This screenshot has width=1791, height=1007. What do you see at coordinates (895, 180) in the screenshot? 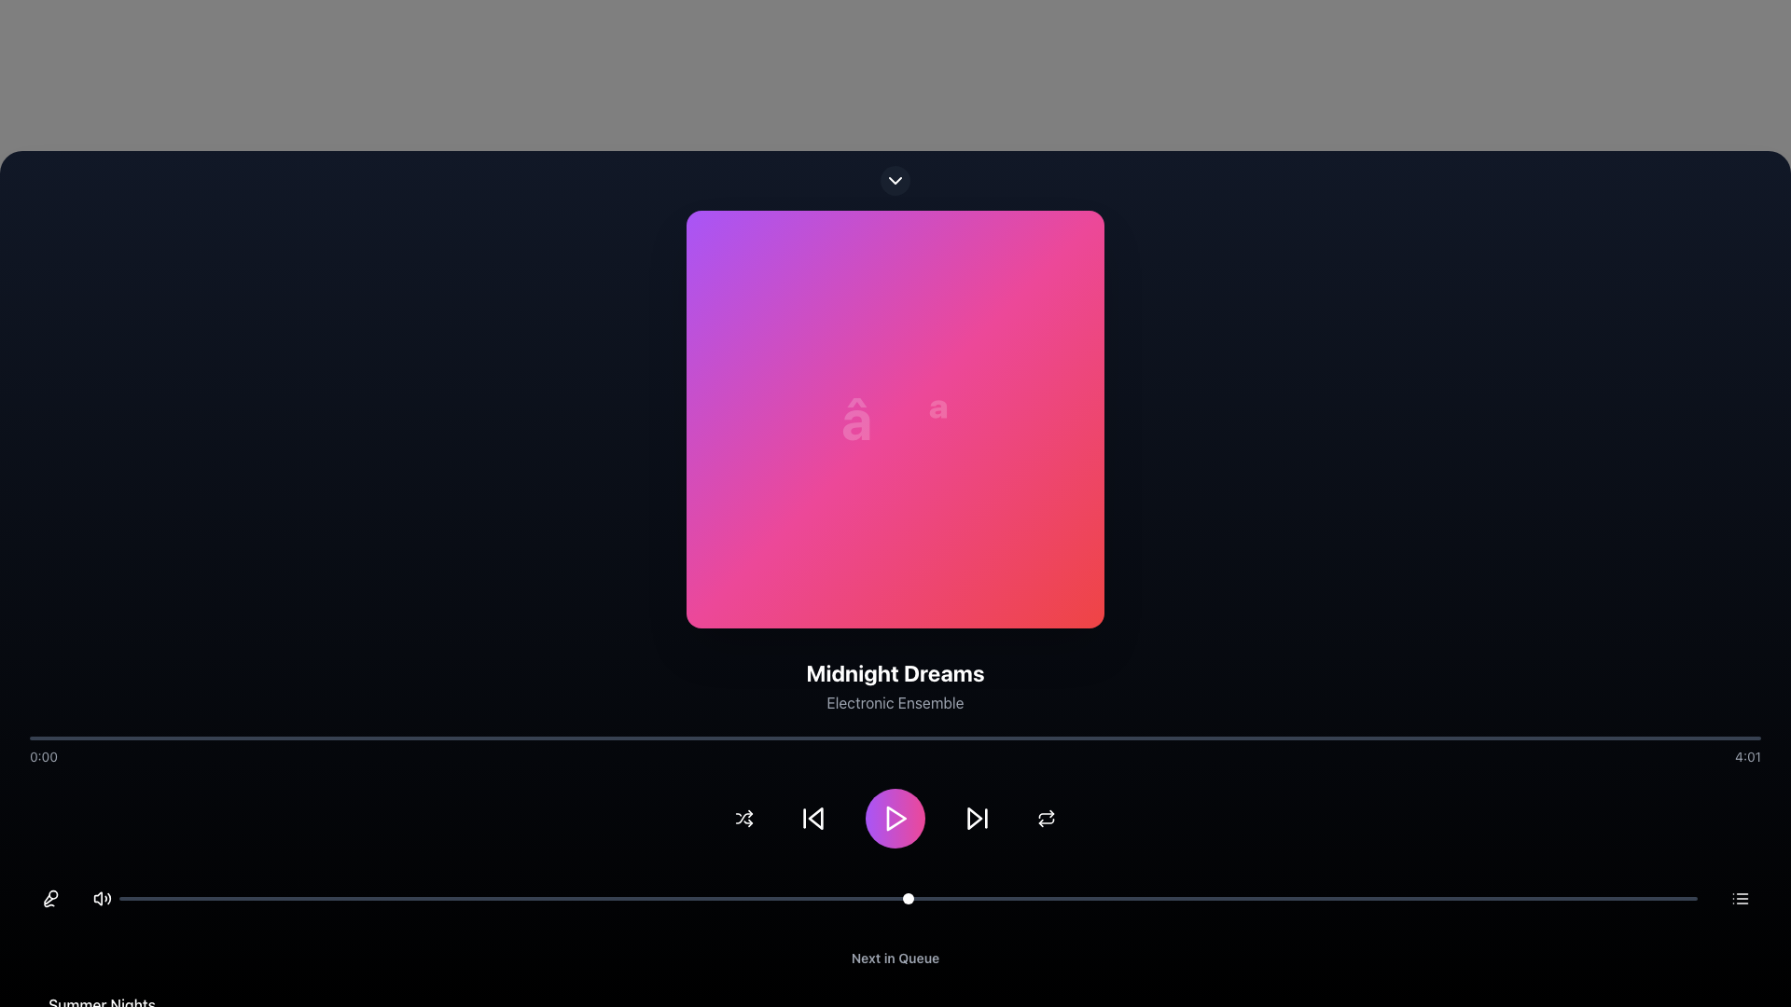
I see `the circular button with a semi-transparent dark gray background and a chevron-down icon` at bounding box center [895, 180].